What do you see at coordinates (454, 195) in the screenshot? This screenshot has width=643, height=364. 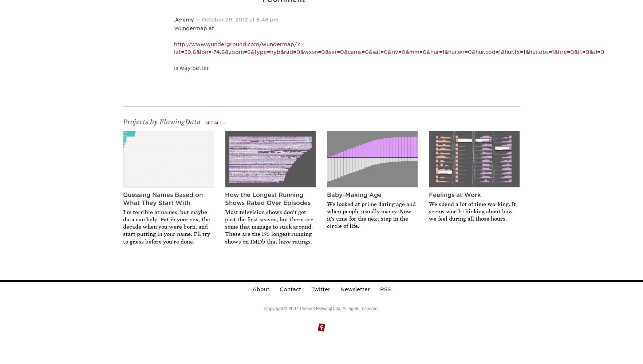 I see `'Feelings at Work'` at bounding box center [454, 195].